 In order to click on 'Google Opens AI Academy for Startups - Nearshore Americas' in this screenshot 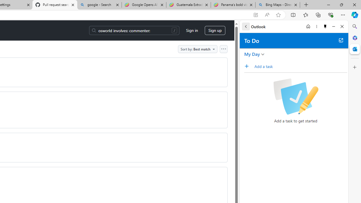, I will do `click(144, 5)`.